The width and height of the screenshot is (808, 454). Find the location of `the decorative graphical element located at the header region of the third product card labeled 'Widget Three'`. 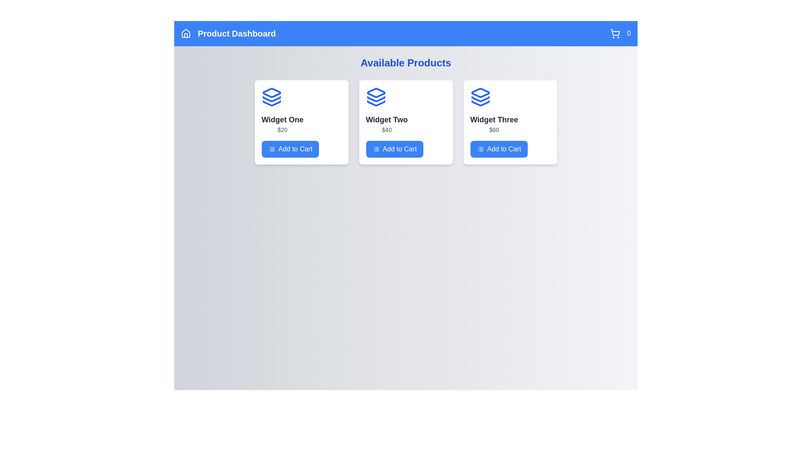

the decorative graphical element located at the header region of the third product card labeled 'Widget Three' is located at coordinates (480, 92).